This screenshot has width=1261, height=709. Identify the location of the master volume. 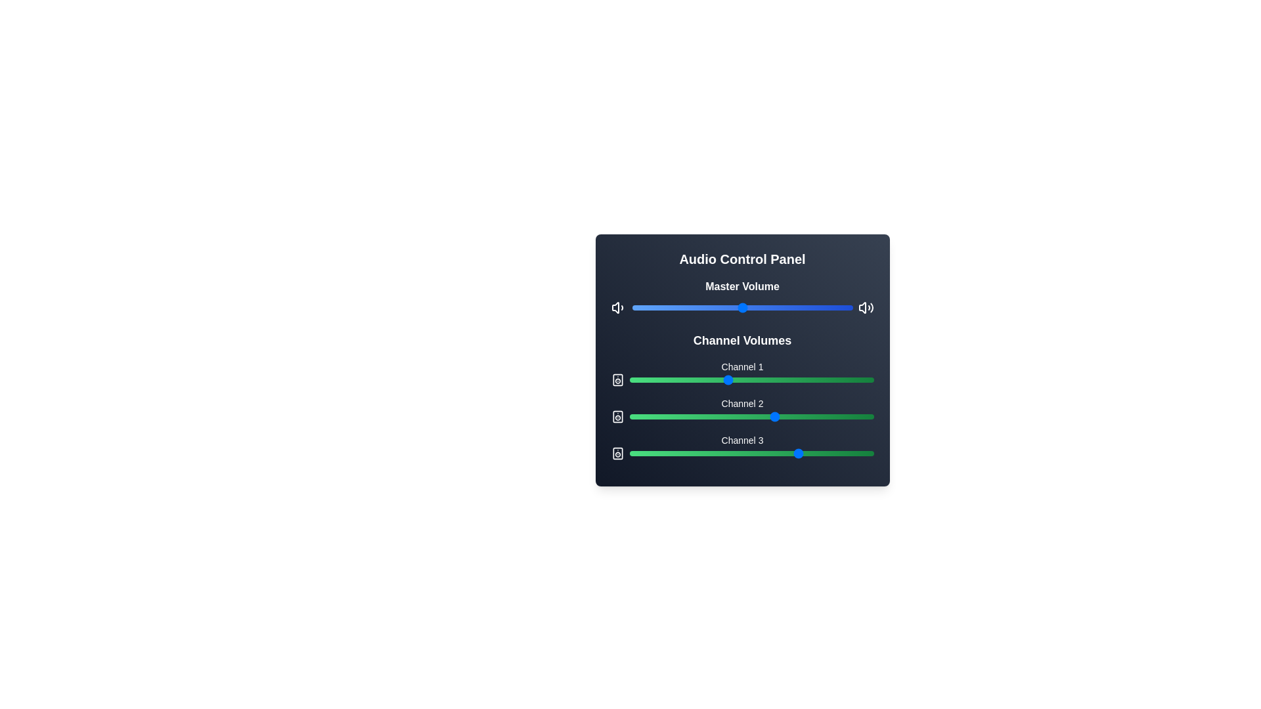
(740, 308).